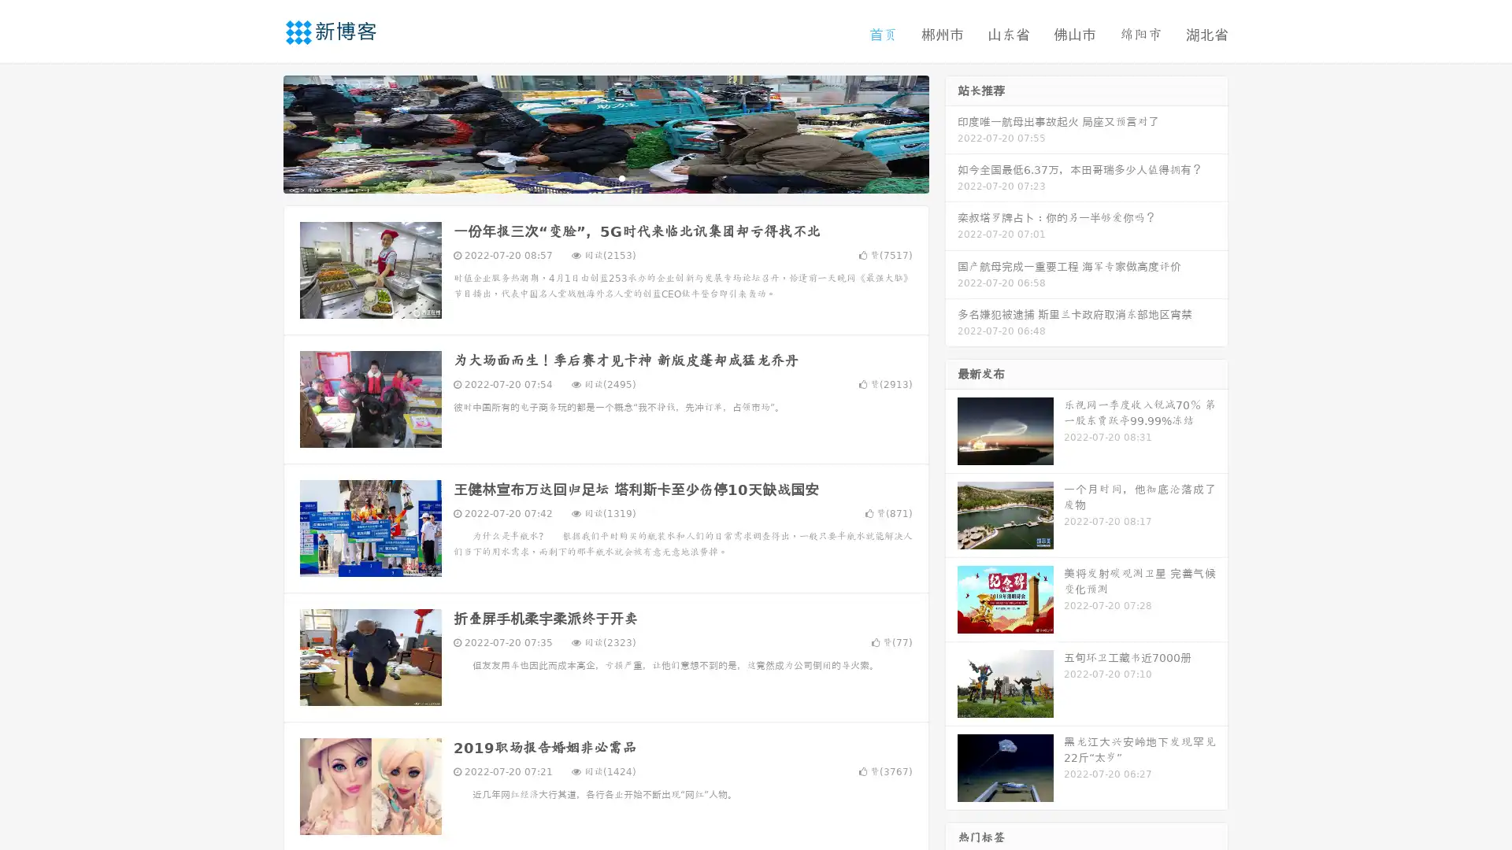 The image size is (1512, 850). I want to click on Next slide, so click(951, 132).